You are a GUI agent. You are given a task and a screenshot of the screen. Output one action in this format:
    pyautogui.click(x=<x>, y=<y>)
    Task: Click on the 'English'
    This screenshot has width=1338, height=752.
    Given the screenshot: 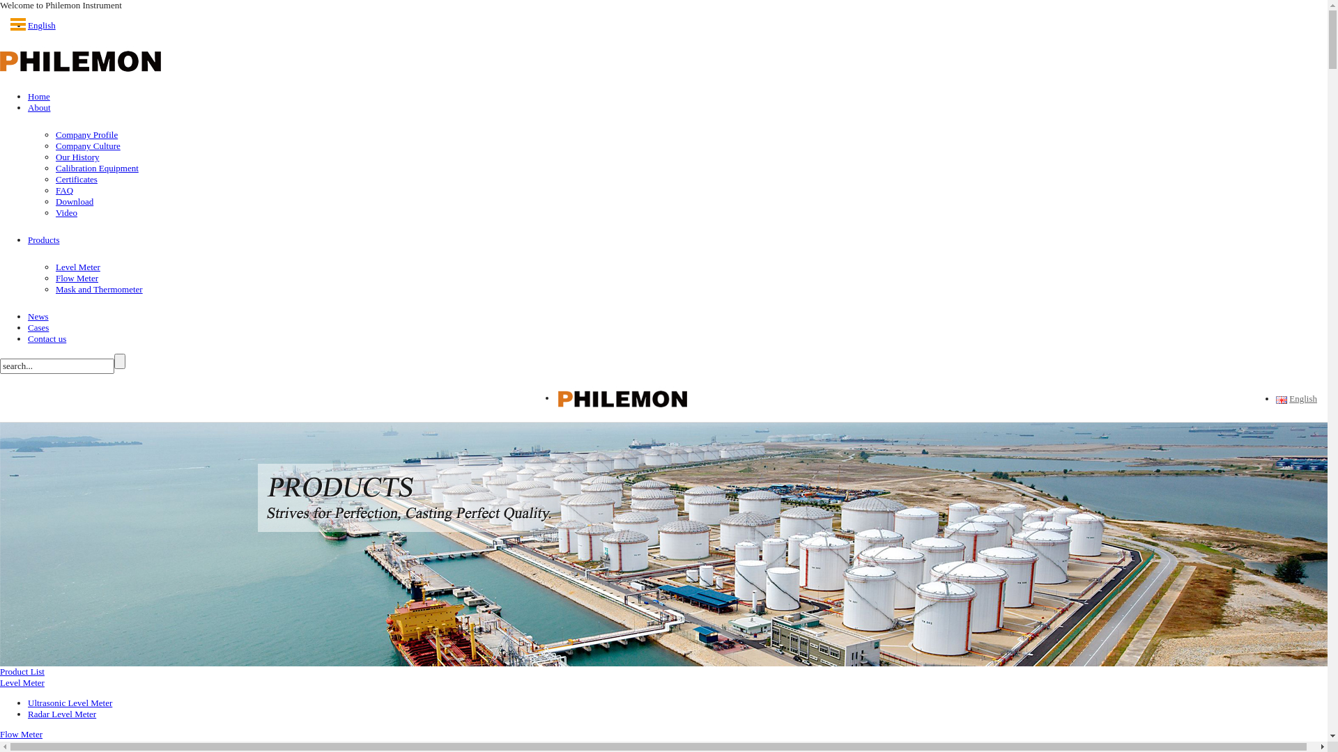 What is the action you would take?
    pyautogui.click(x=41, y=25)
    